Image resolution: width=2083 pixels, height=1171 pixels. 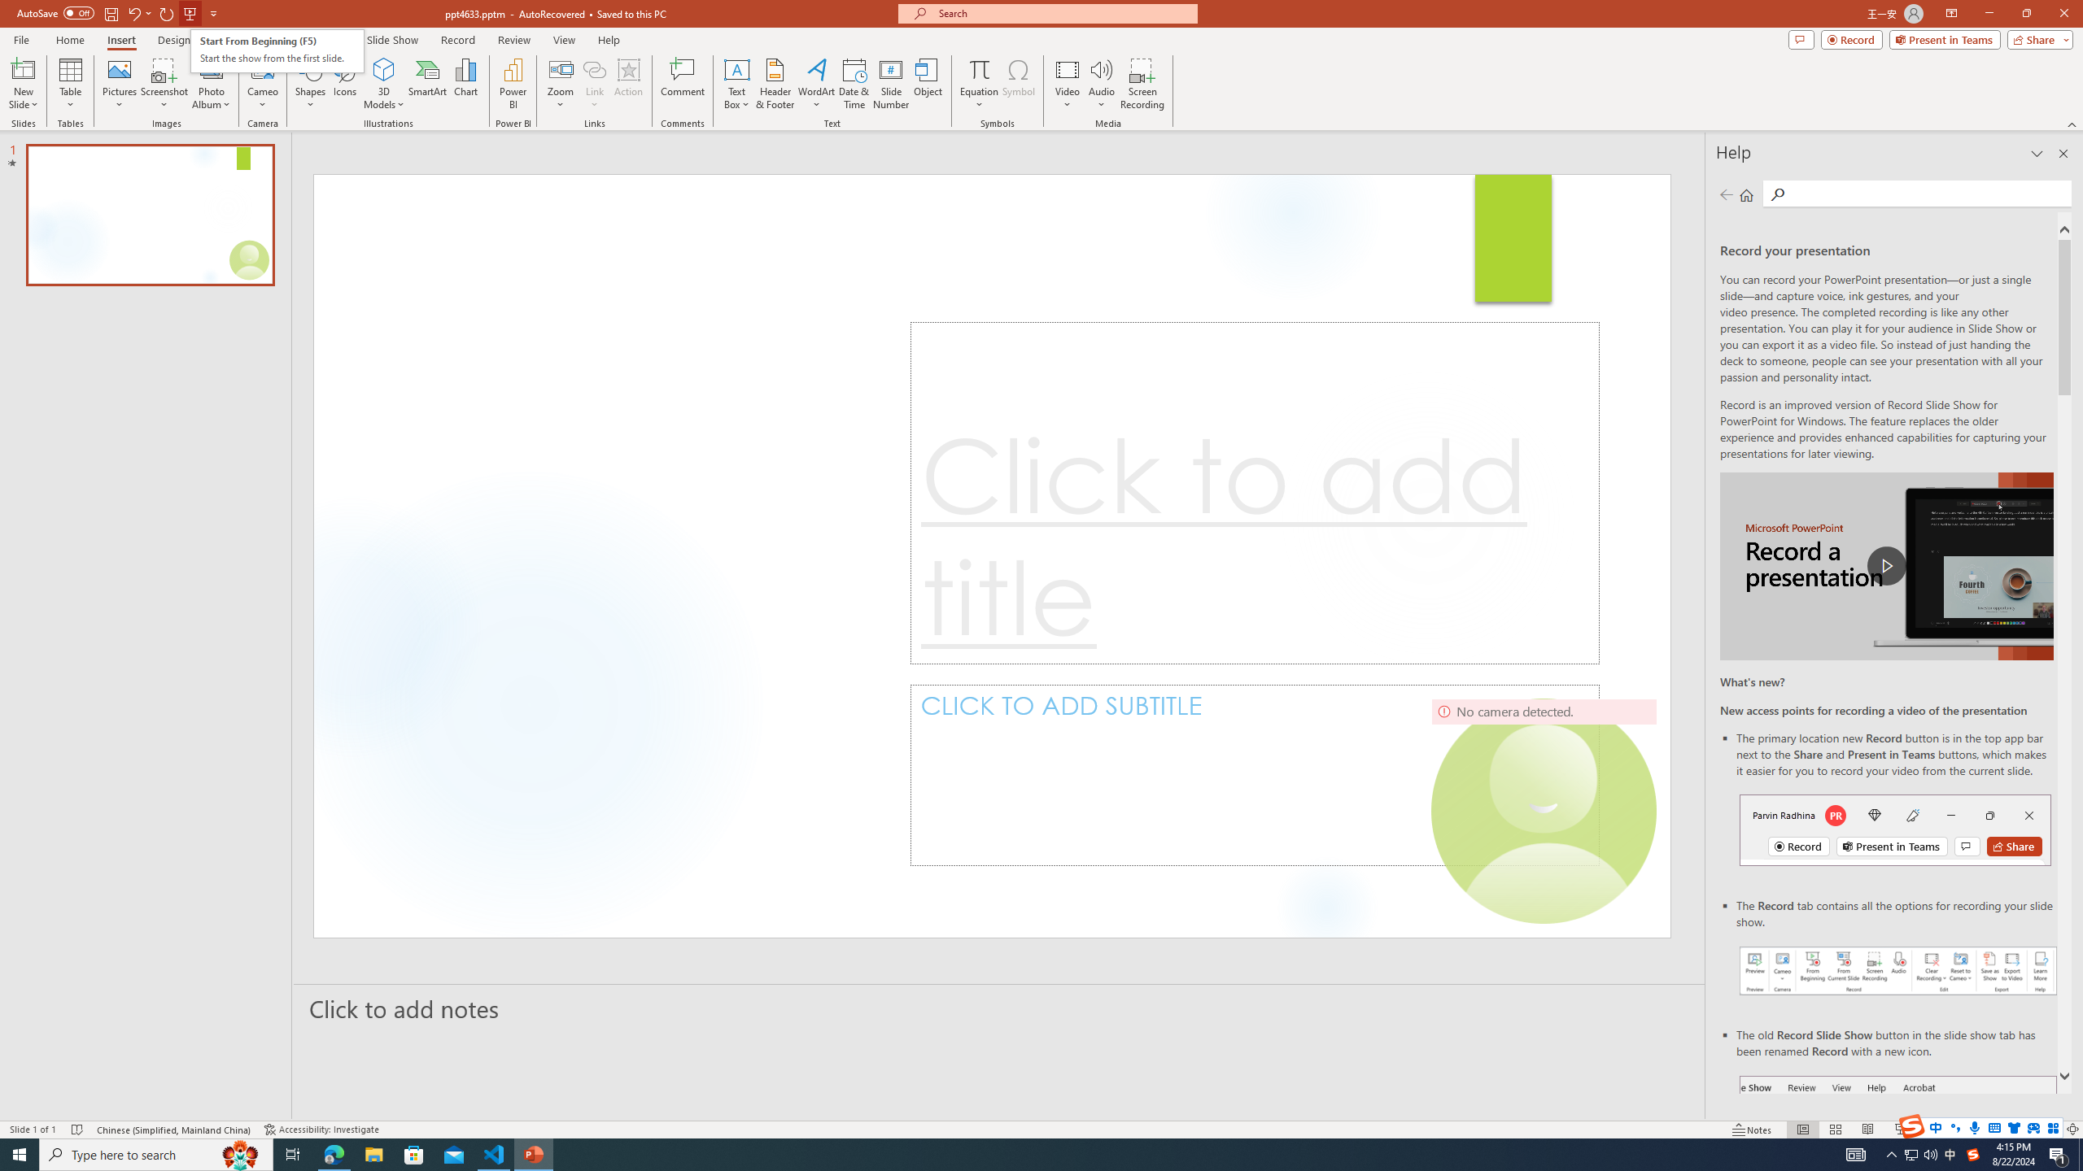 I want to click on 'Zoom 131%', so click(x=2046, y=1130).